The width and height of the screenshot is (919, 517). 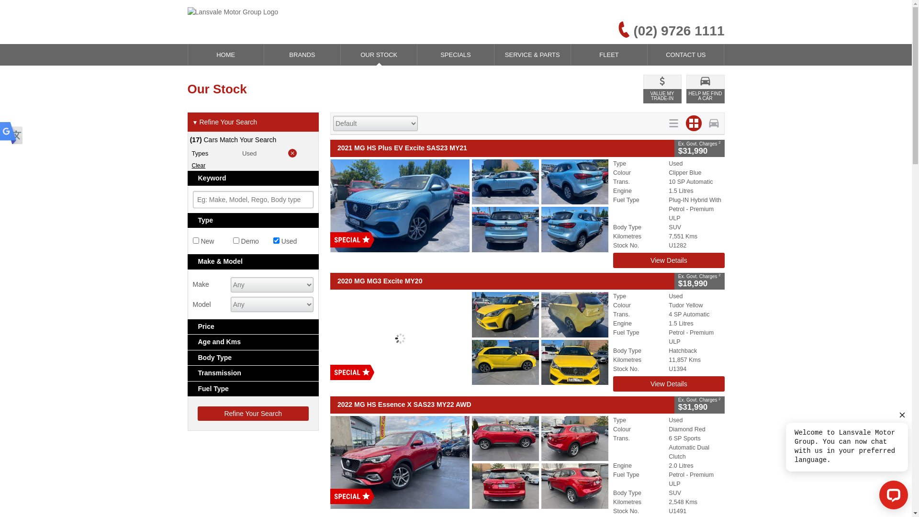 What do you see at coordinates (532, 55) in the screenshot?
I see `'SERVICE & PARTS'` at bounding box center [532, 55].